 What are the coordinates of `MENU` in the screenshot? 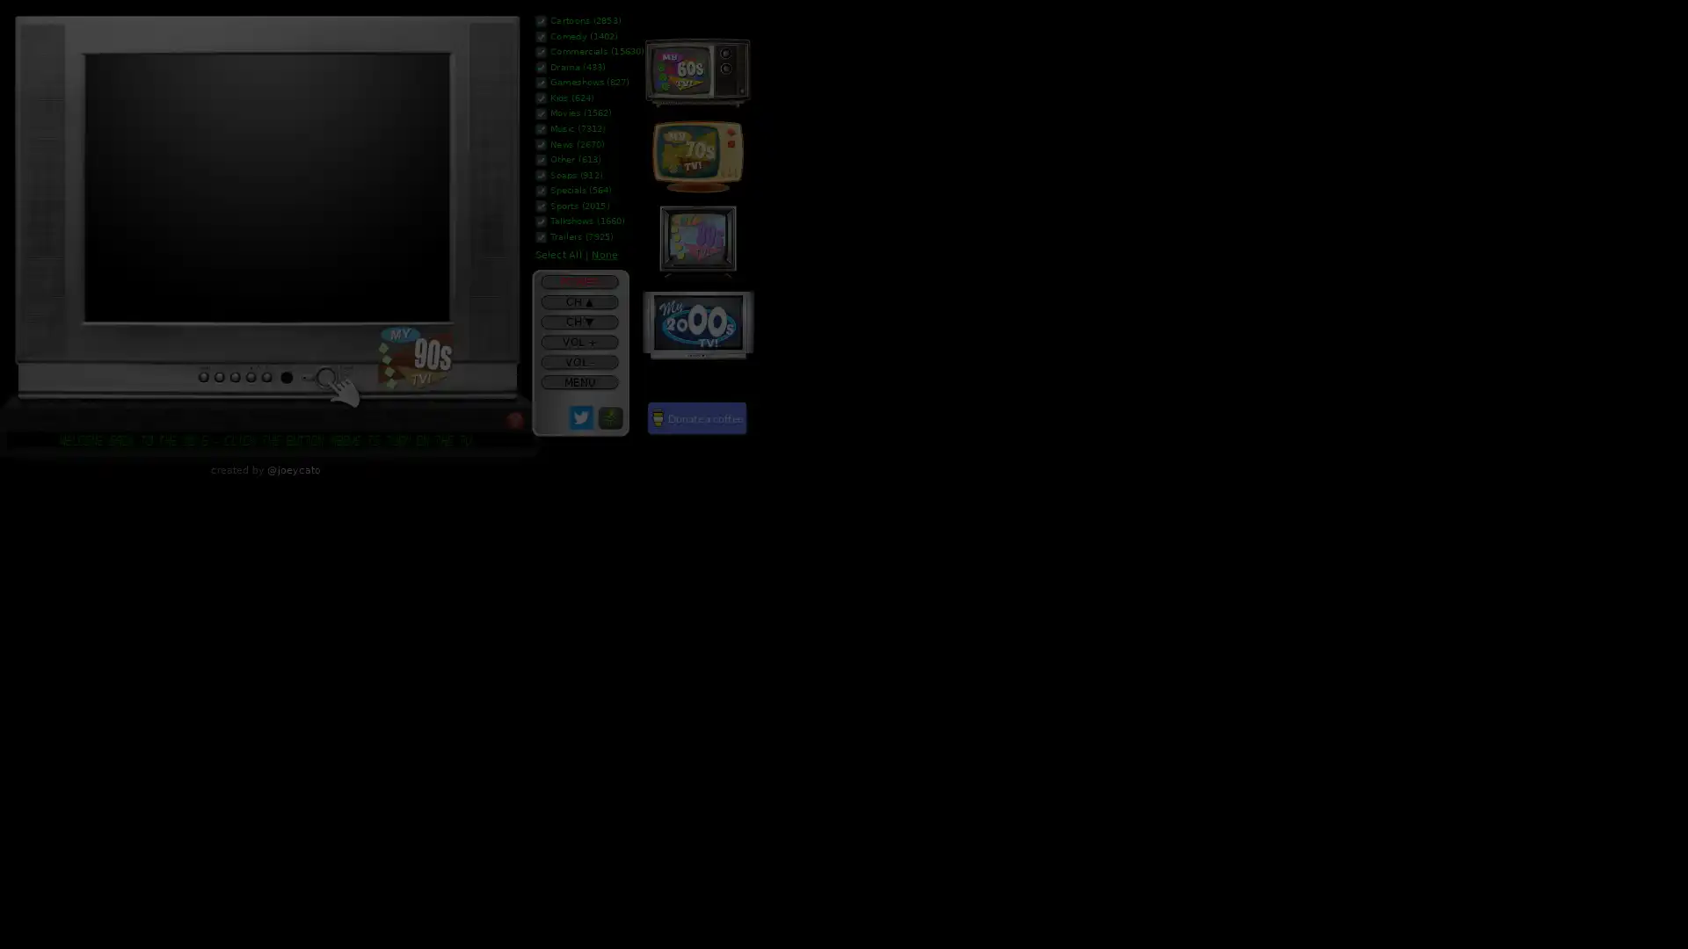 It's located at (578, 381).